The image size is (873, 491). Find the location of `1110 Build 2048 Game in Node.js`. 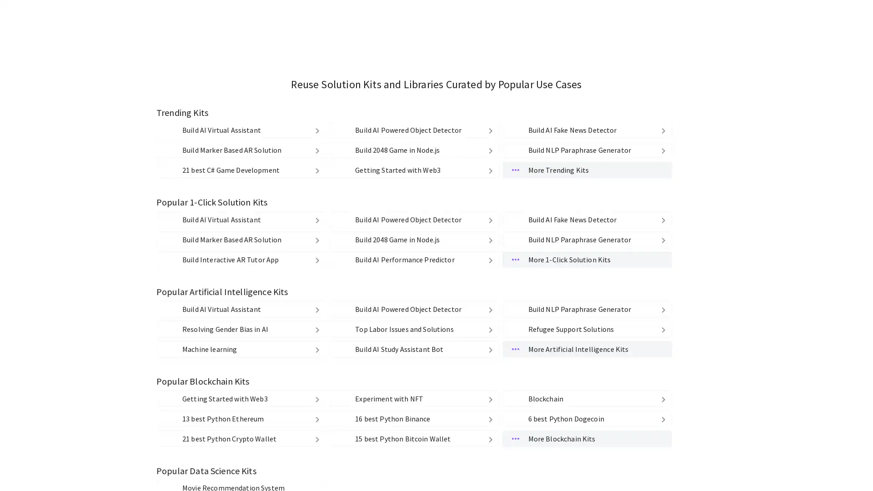

1110 Build 2048 Game in Node.js is located at coordinates (413, 378).